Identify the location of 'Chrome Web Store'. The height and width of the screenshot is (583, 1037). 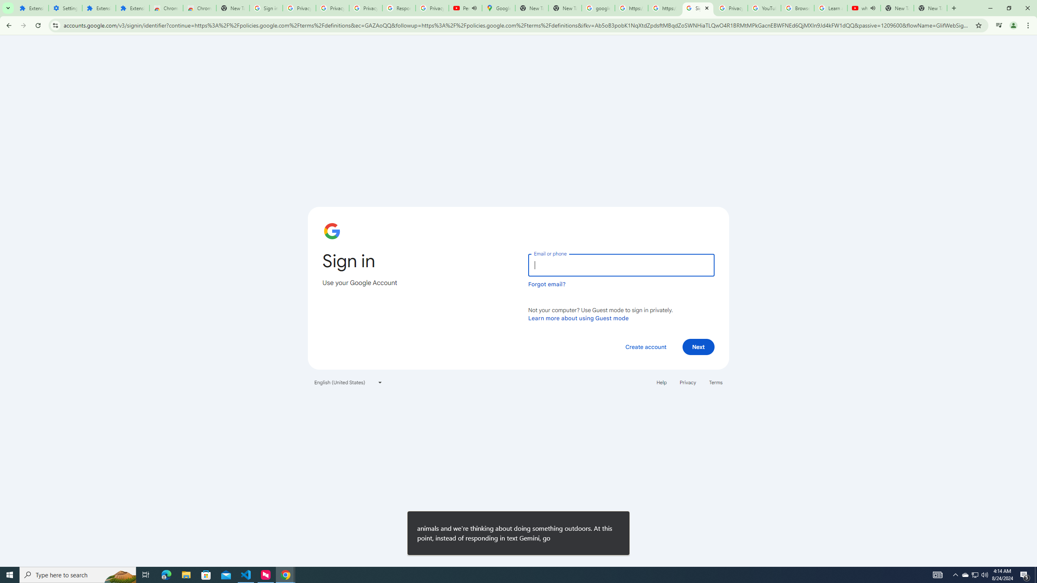
(166, 8).